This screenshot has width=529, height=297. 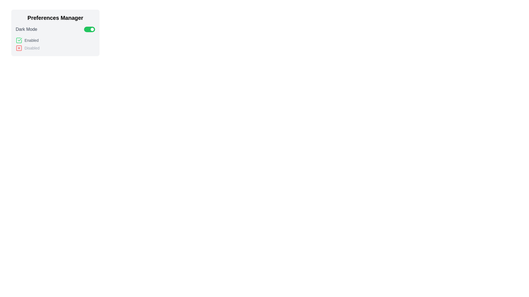 What do you see at coordinates (90, 29) in the screenshot?
I see `the toggle switch for 'Dark Mode' located on the right side of the 'Preferences Manager' section to change its state` at bounding box center [90, 29].